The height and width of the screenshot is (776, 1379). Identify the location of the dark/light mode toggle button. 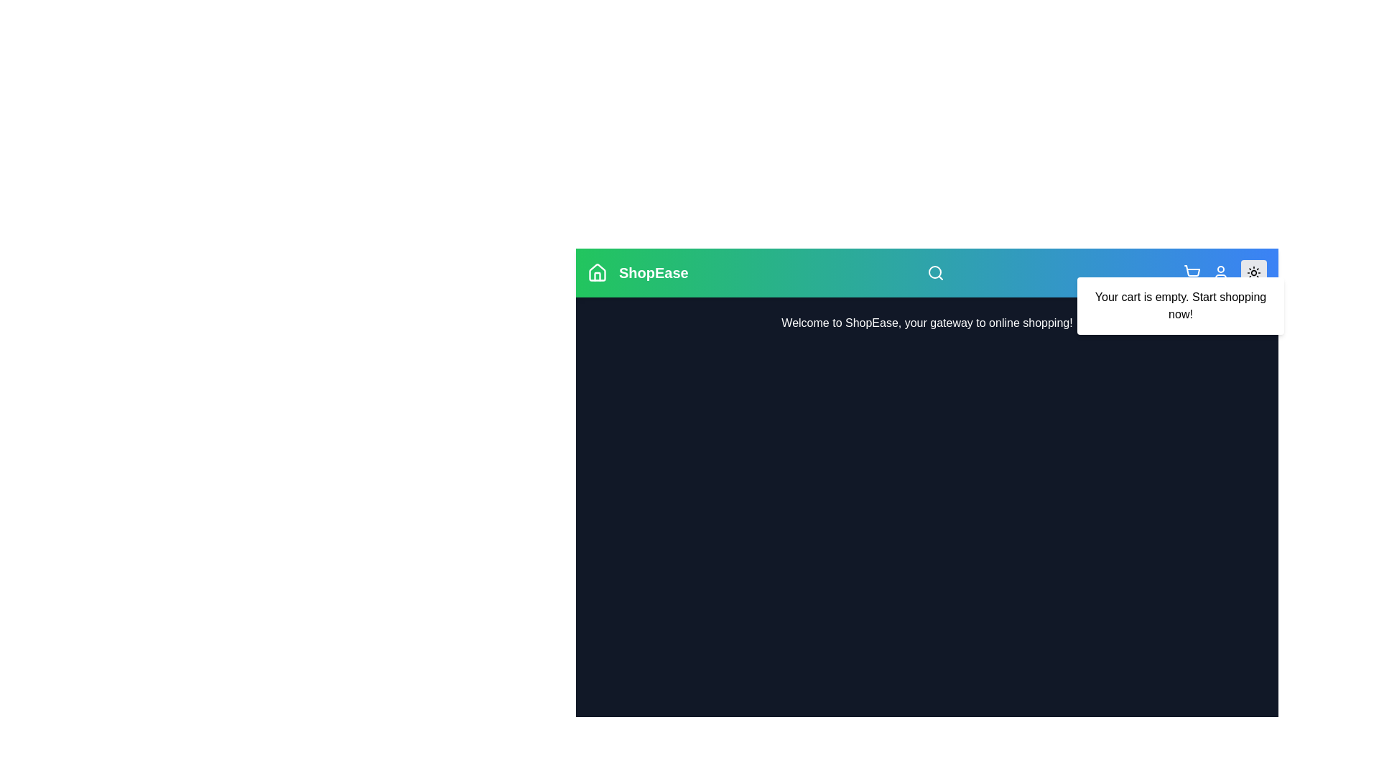
(1253, 273).